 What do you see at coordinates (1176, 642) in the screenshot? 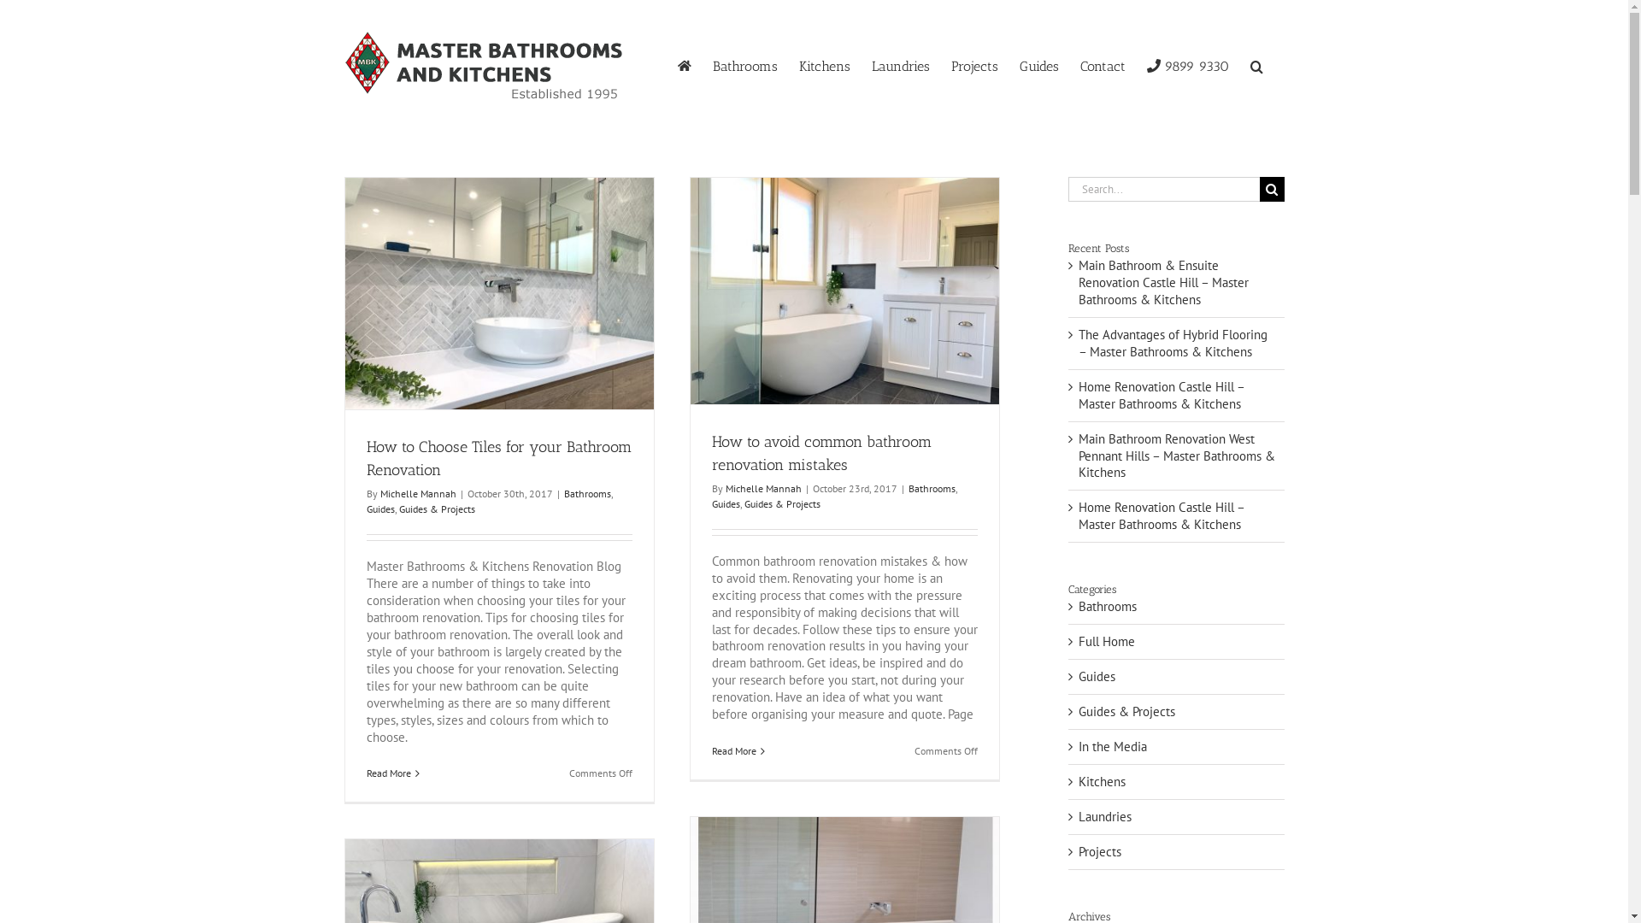
I see `'Full Home'` at bounding box center [1176, 642].